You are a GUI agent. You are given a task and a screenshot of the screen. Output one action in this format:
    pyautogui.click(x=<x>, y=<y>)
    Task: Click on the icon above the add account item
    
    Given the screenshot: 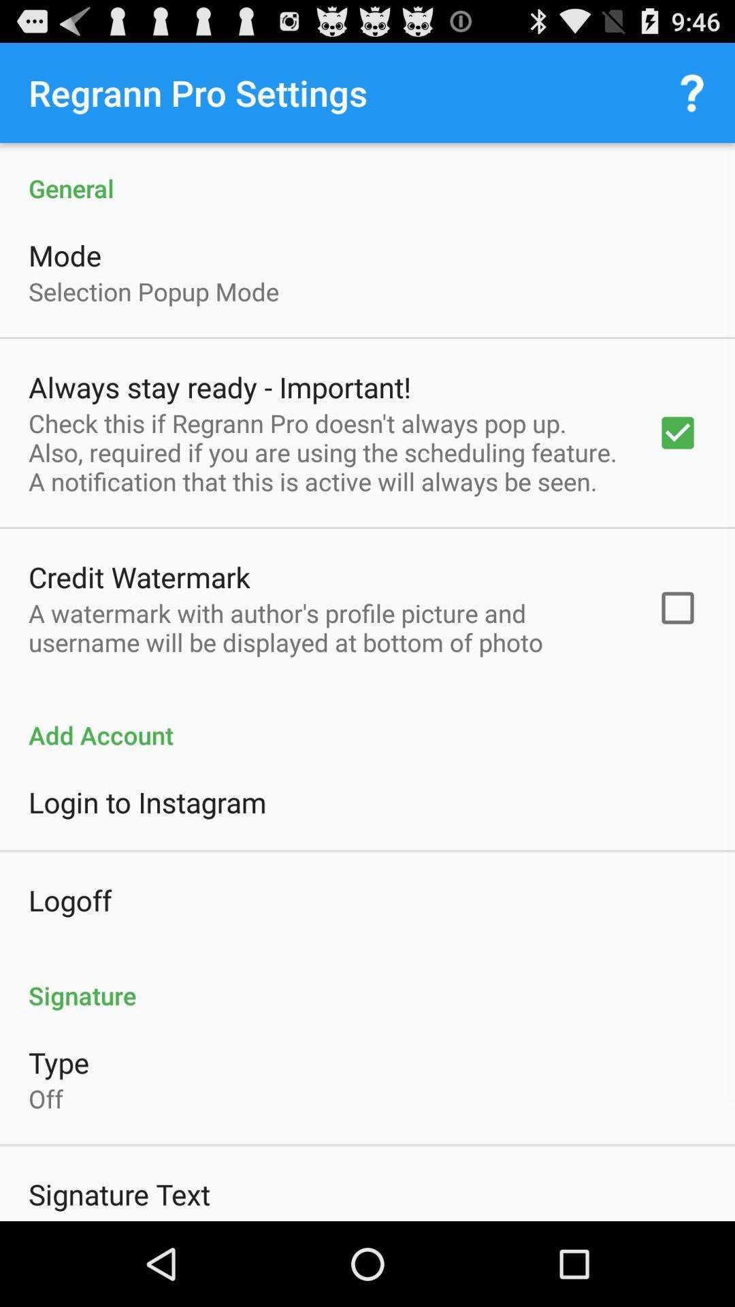 What is the action you would take?
    pyautogui.click(x=325, y=627)
    